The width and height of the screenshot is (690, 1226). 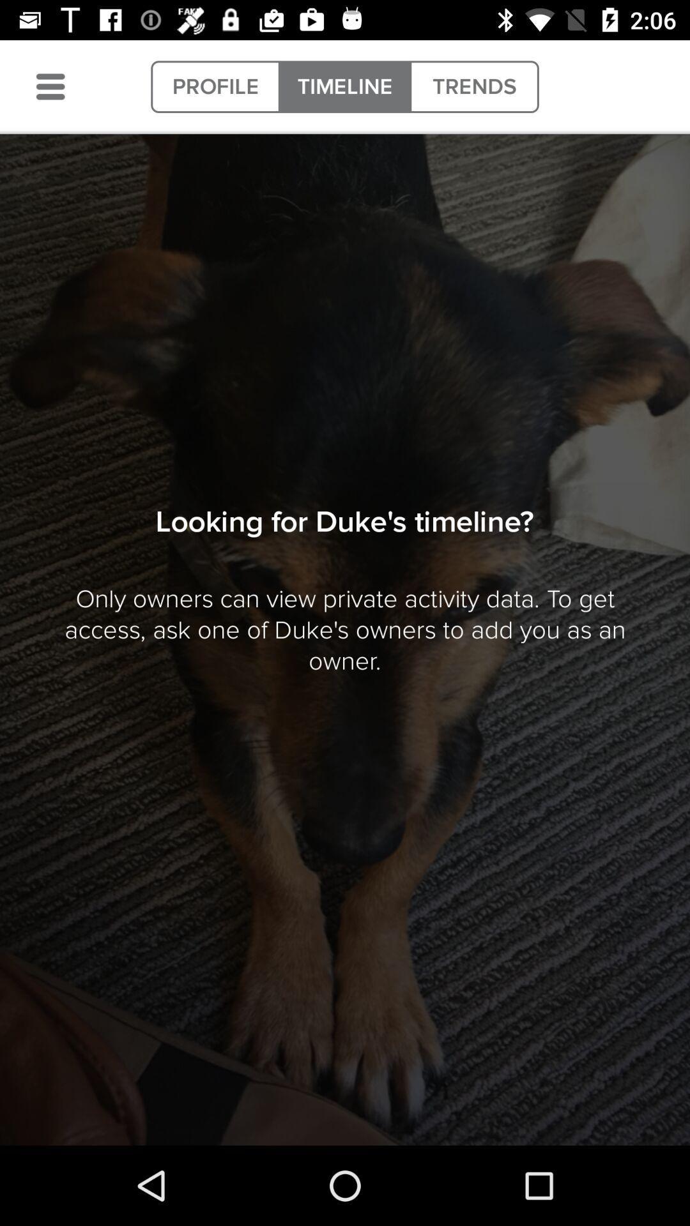 I want to click on menu, so click(x=50, y=86).